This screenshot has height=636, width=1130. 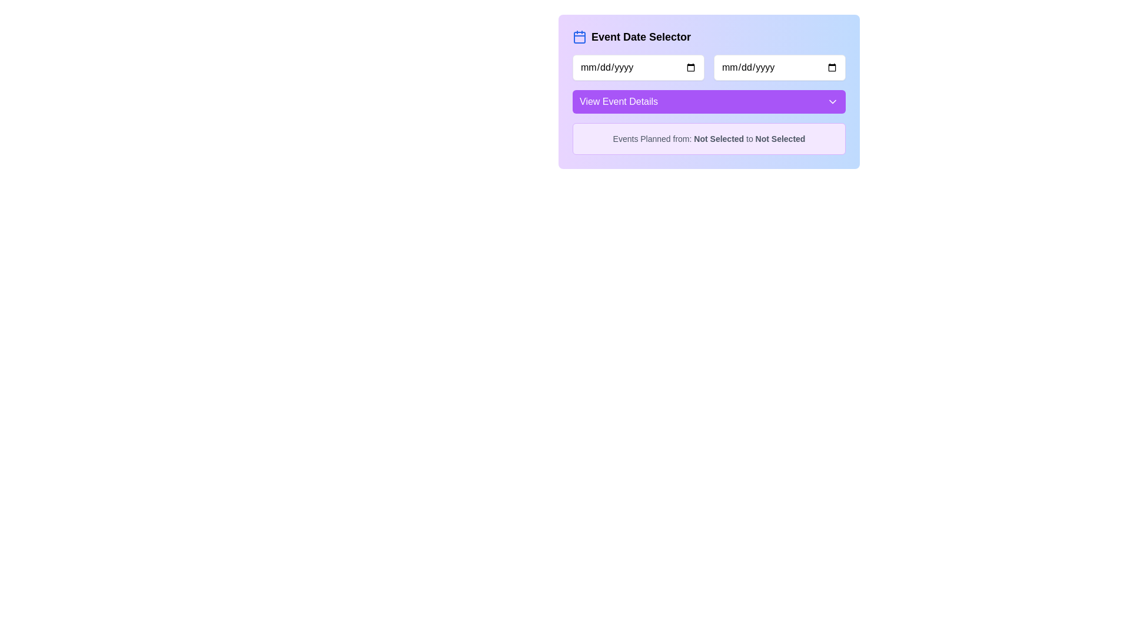 I want to click on the 'End Date' date input field with a rounded border and light shadow, so click(x=779, y=68).